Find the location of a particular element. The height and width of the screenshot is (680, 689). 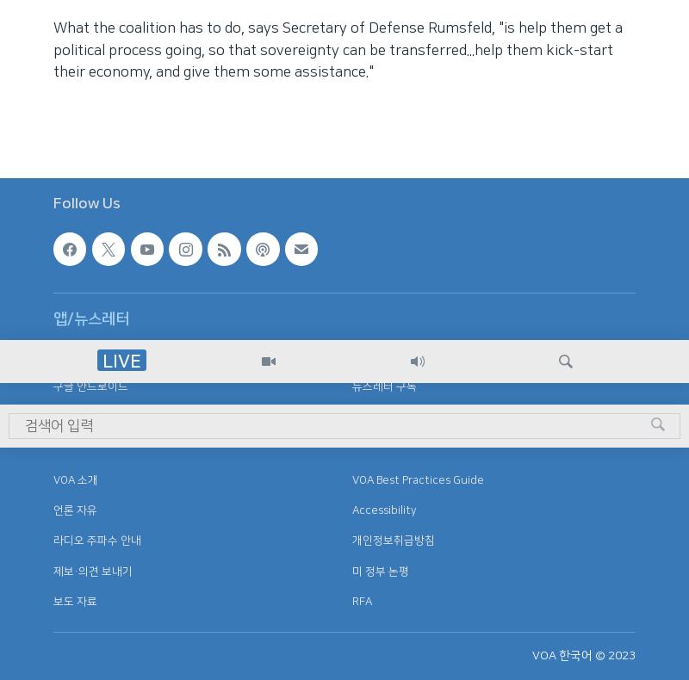

'앱/뉴스레터' is located at coordinates (90, 318).